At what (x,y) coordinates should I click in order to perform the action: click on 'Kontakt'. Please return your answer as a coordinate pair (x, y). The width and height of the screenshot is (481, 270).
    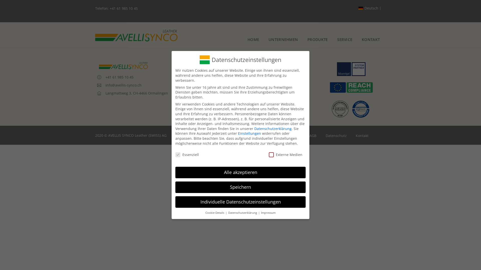
    Looking at the image, I should click on (362, 136).